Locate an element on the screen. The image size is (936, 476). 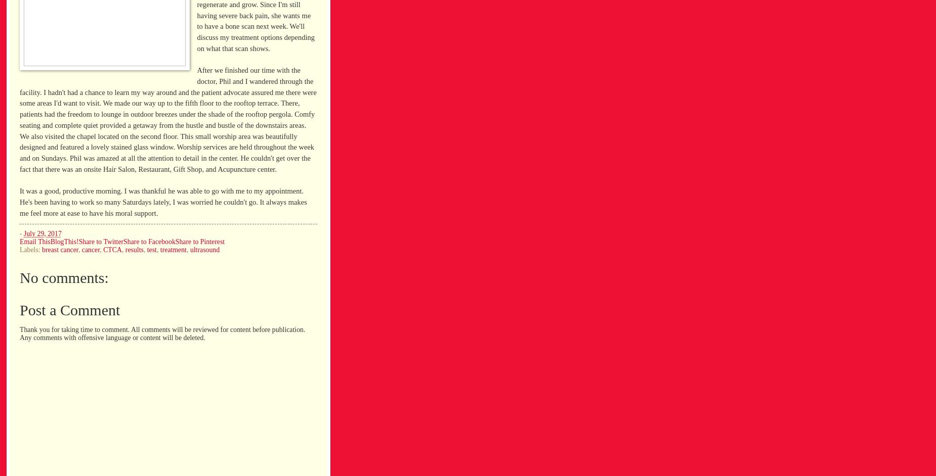
'Share to Pinterest' is located at coordinates (174, 242).